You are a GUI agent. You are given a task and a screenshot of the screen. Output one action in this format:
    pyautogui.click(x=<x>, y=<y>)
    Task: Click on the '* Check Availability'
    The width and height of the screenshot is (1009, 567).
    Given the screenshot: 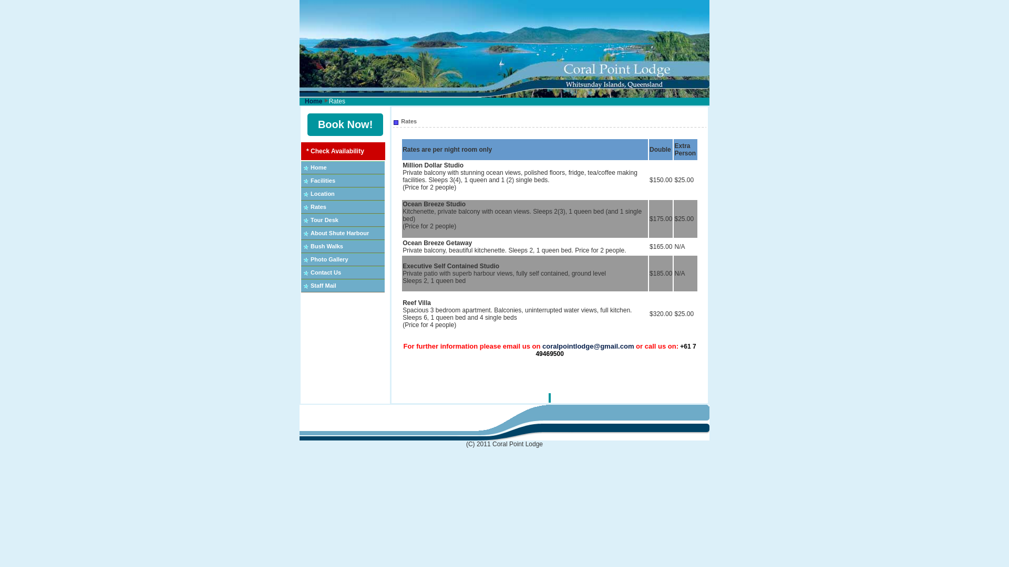 What is the action you would take?
    pyautogui.click(x=335, y=151)
    